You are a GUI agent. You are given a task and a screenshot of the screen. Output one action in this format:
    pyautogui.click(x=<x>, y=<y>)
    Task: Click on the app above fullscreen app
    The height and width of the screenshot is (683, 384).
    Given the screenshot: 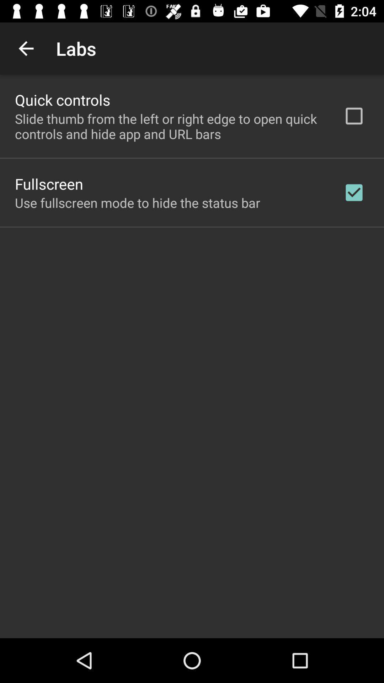 What is the action you would take?
    pyautogui.click(x=170, y=126)
    